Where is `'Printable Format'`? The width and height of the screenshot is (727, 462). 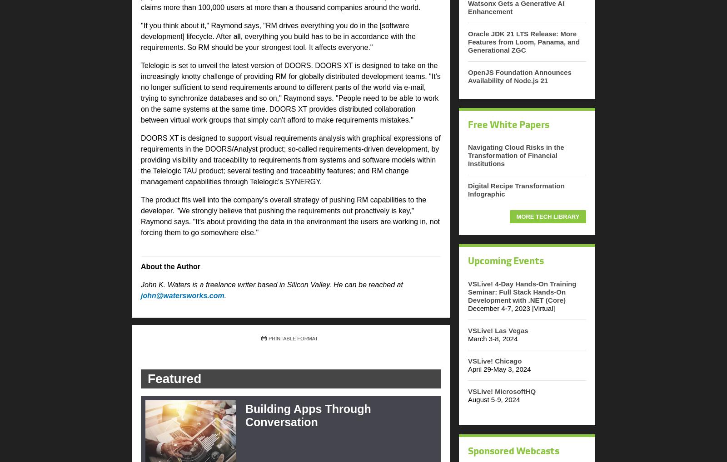
'Printable Format' is located at coordinates (293, 338).